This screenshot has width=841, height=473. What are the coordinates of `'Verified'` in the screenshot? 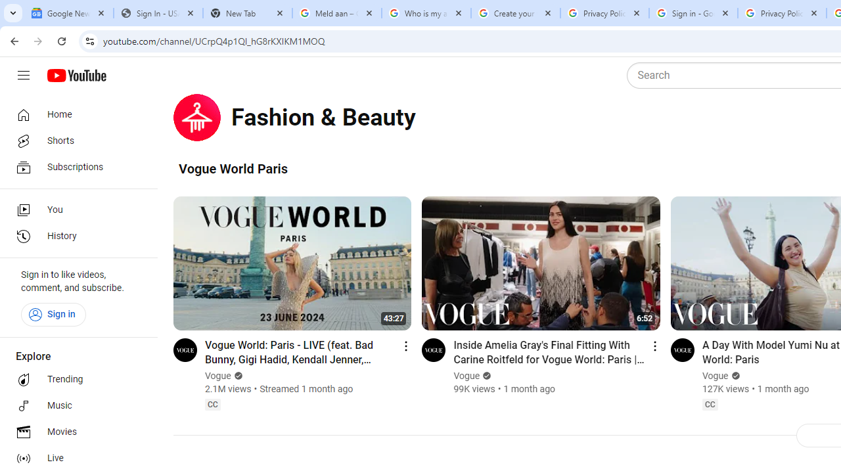 It's located at (733, 376).